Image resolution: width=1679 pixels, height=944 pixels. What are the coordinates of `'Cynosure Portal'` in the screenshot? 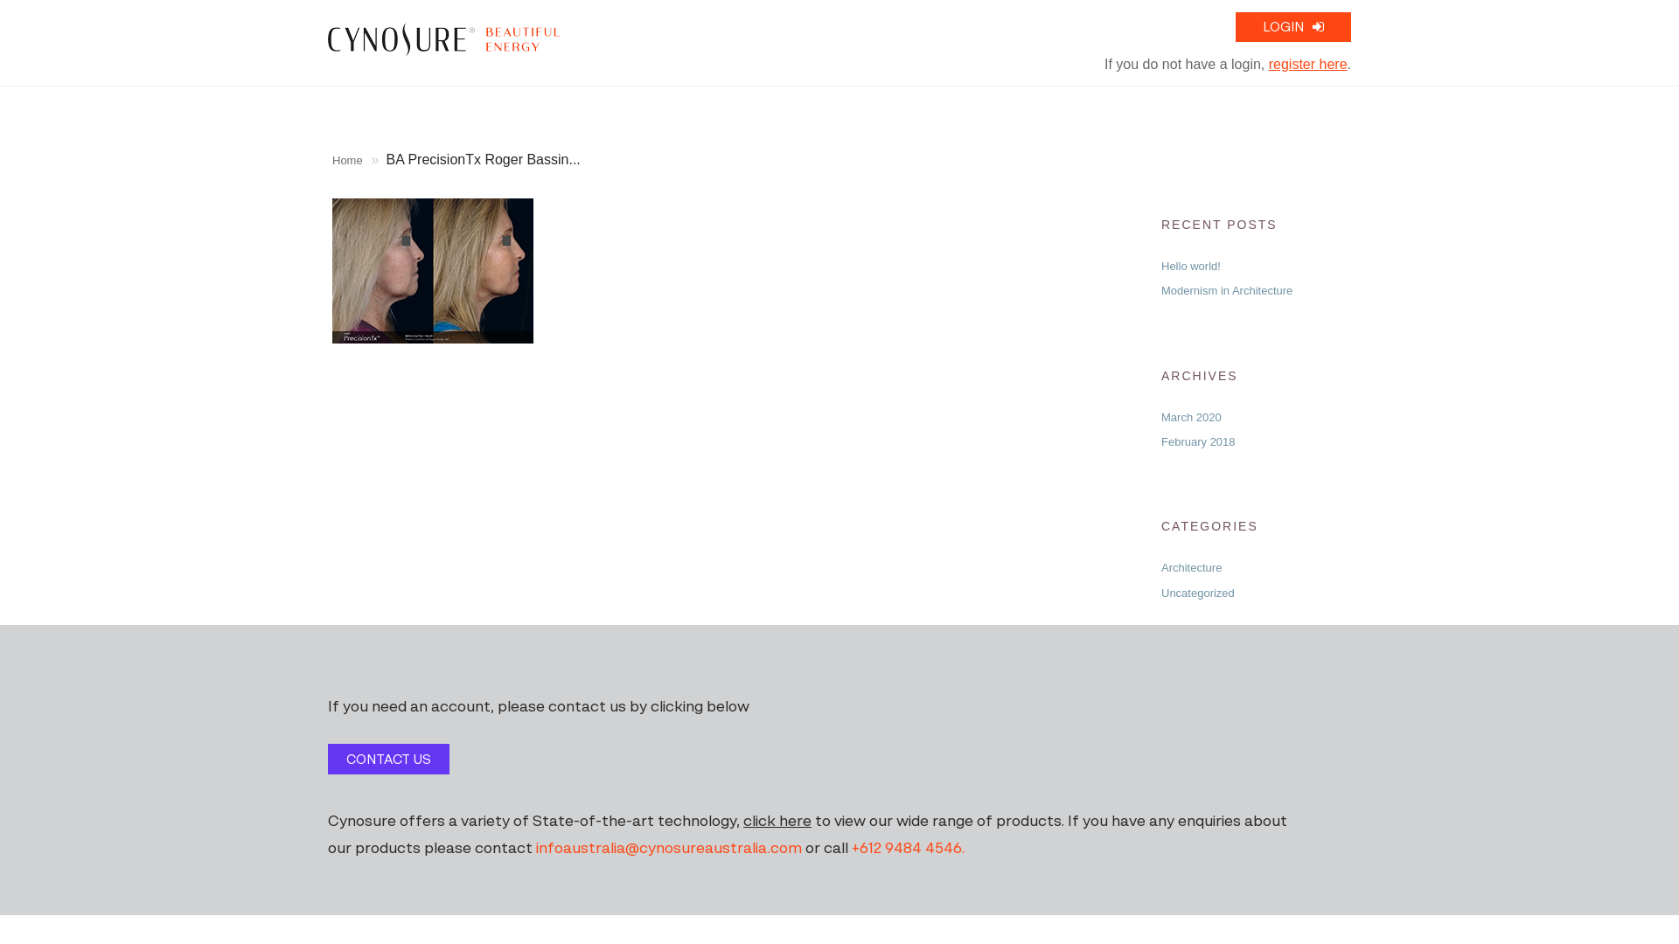 It's located at (443, 38).